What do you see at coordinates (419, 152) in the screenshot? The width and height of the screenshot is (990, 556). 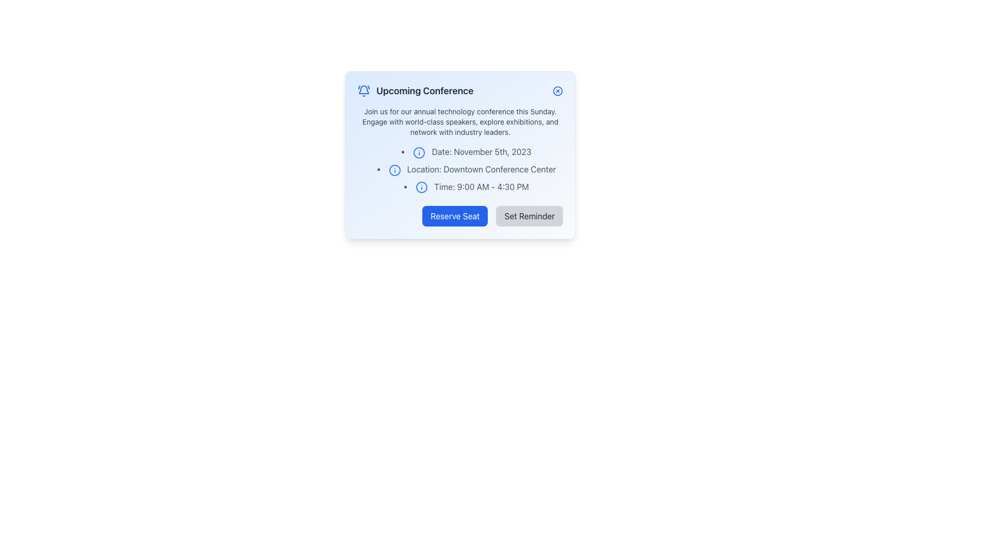 I see `the blue circular information icon located to the left of the text 'Date: November 5th, 2023' in the details section of the card` at bounding box center [419, 152].